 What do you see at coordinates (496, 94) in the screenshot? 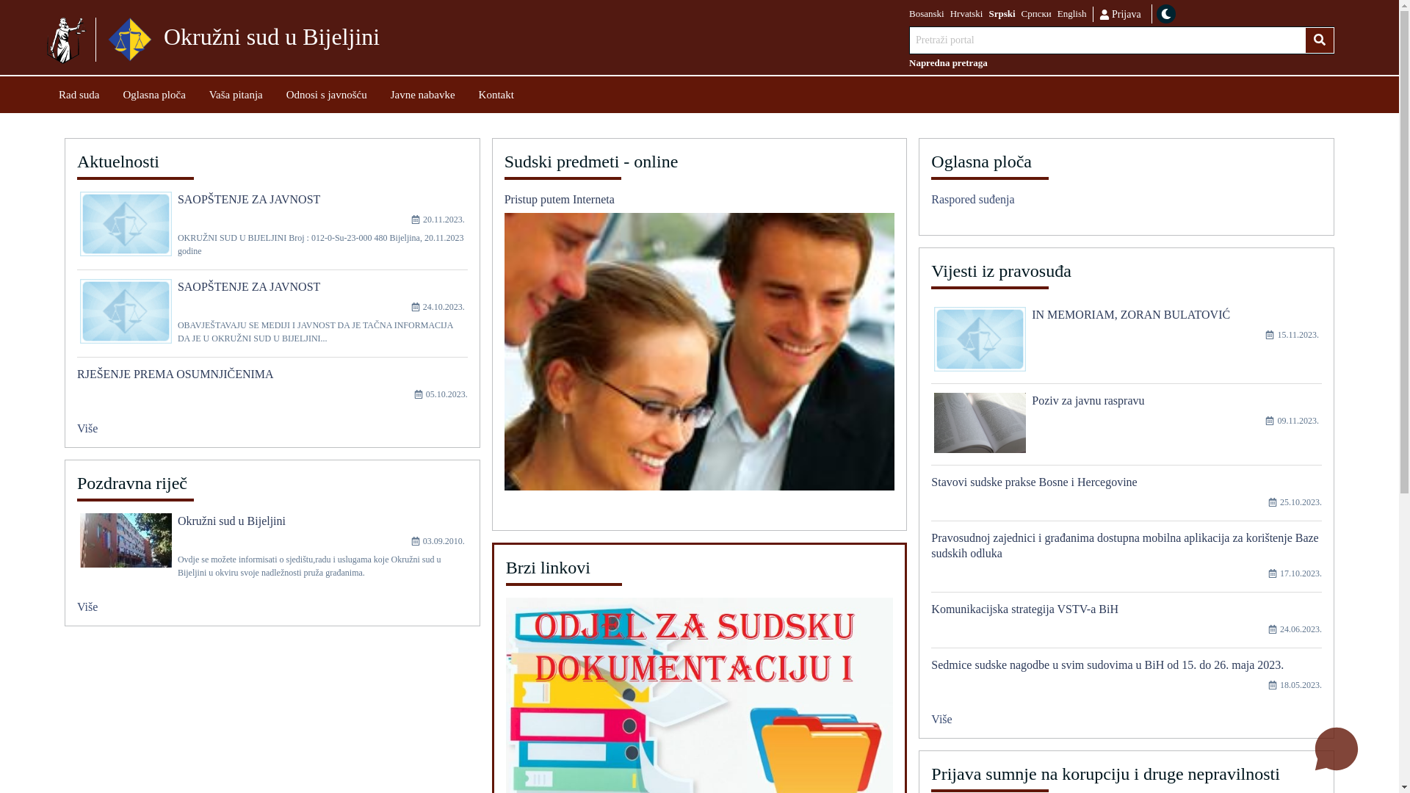
I see `'Kontakt'` at bounding box center [496, 94].